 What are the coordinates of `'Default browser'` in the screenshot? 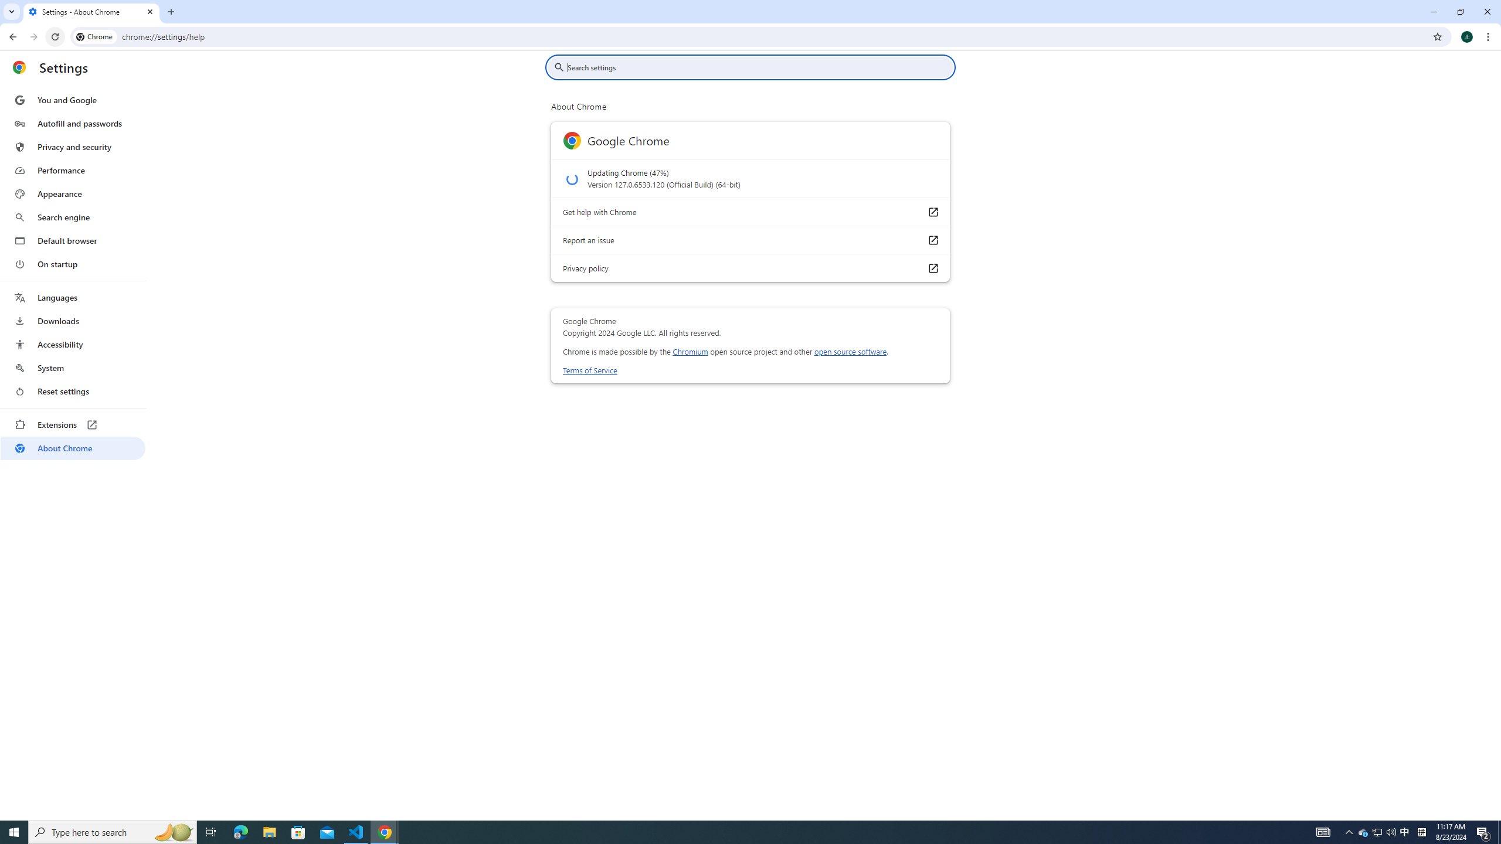 It's located at (72, 240).